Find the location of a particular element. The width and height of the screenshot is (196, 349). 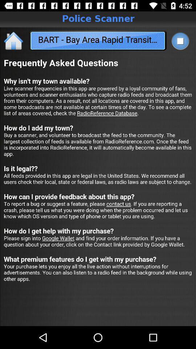

go home is located at coordinates (14, 40).